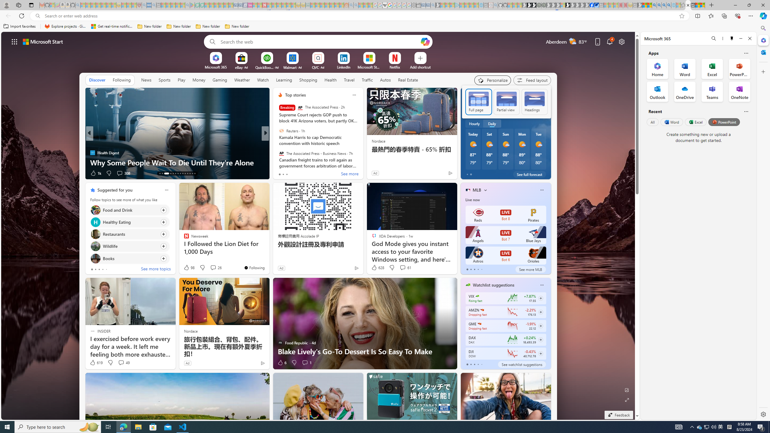  Describe the element at coordinates (308, 79) in the screenshot. I see `'Shopping'` at that location.